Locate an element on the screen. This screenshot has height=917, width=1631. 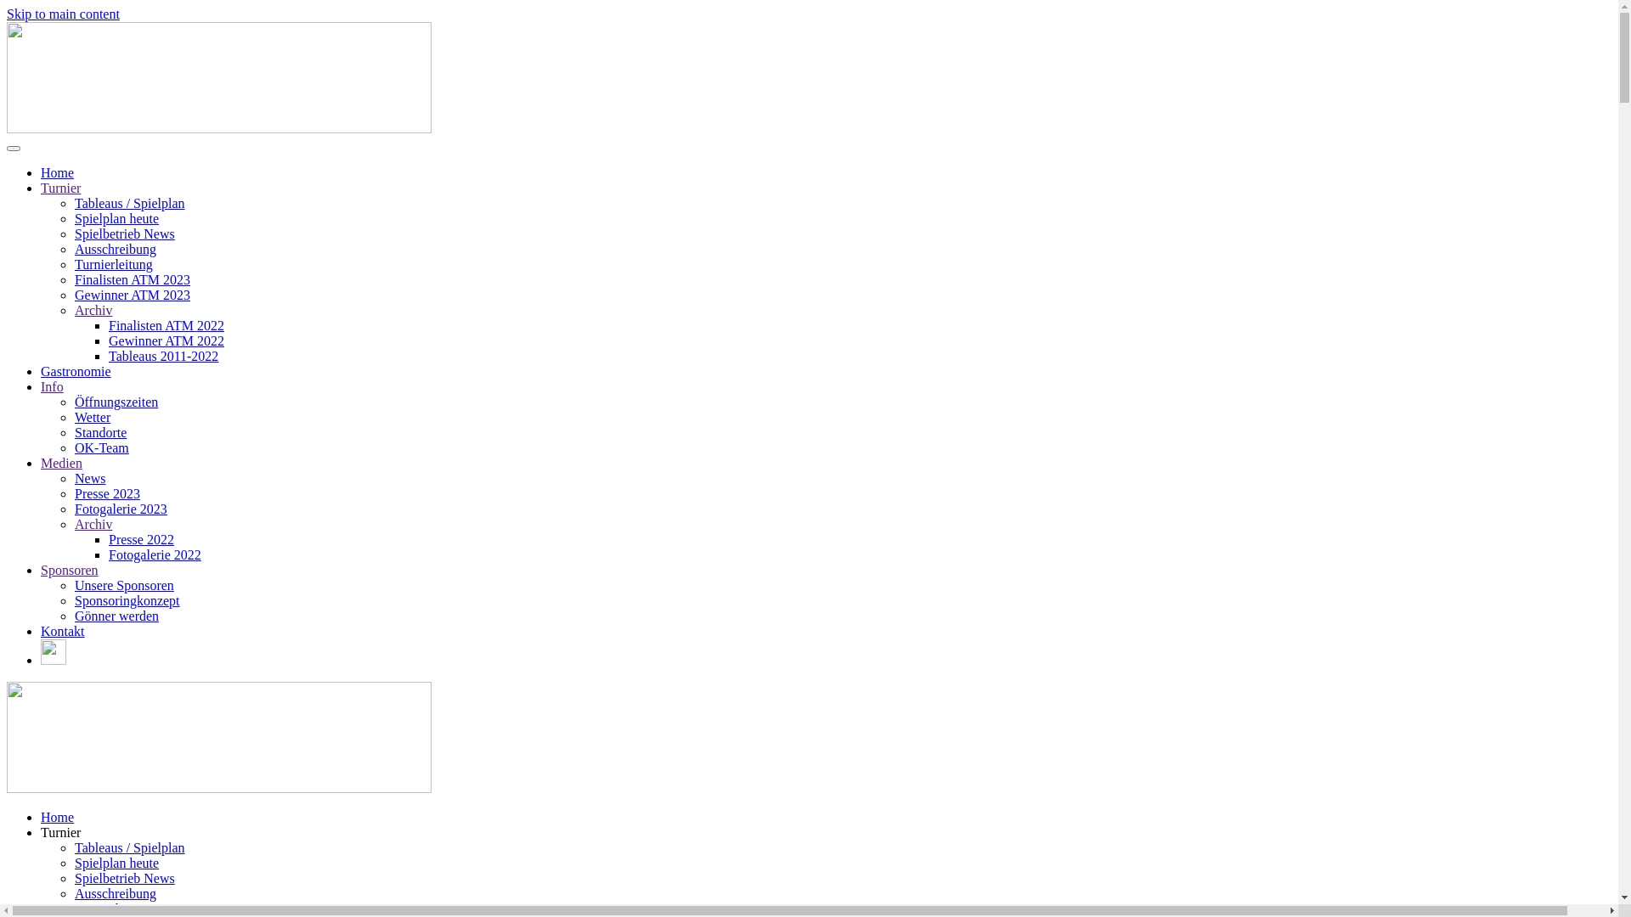
'News' is located at coordinates (88, 478).